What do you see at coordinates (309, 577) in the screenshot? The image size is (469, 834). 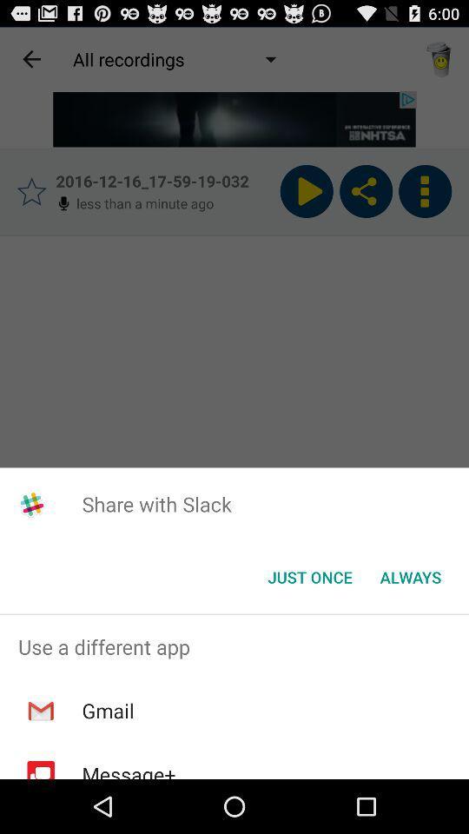 I see `just once item` at bounding box center [309, 577].